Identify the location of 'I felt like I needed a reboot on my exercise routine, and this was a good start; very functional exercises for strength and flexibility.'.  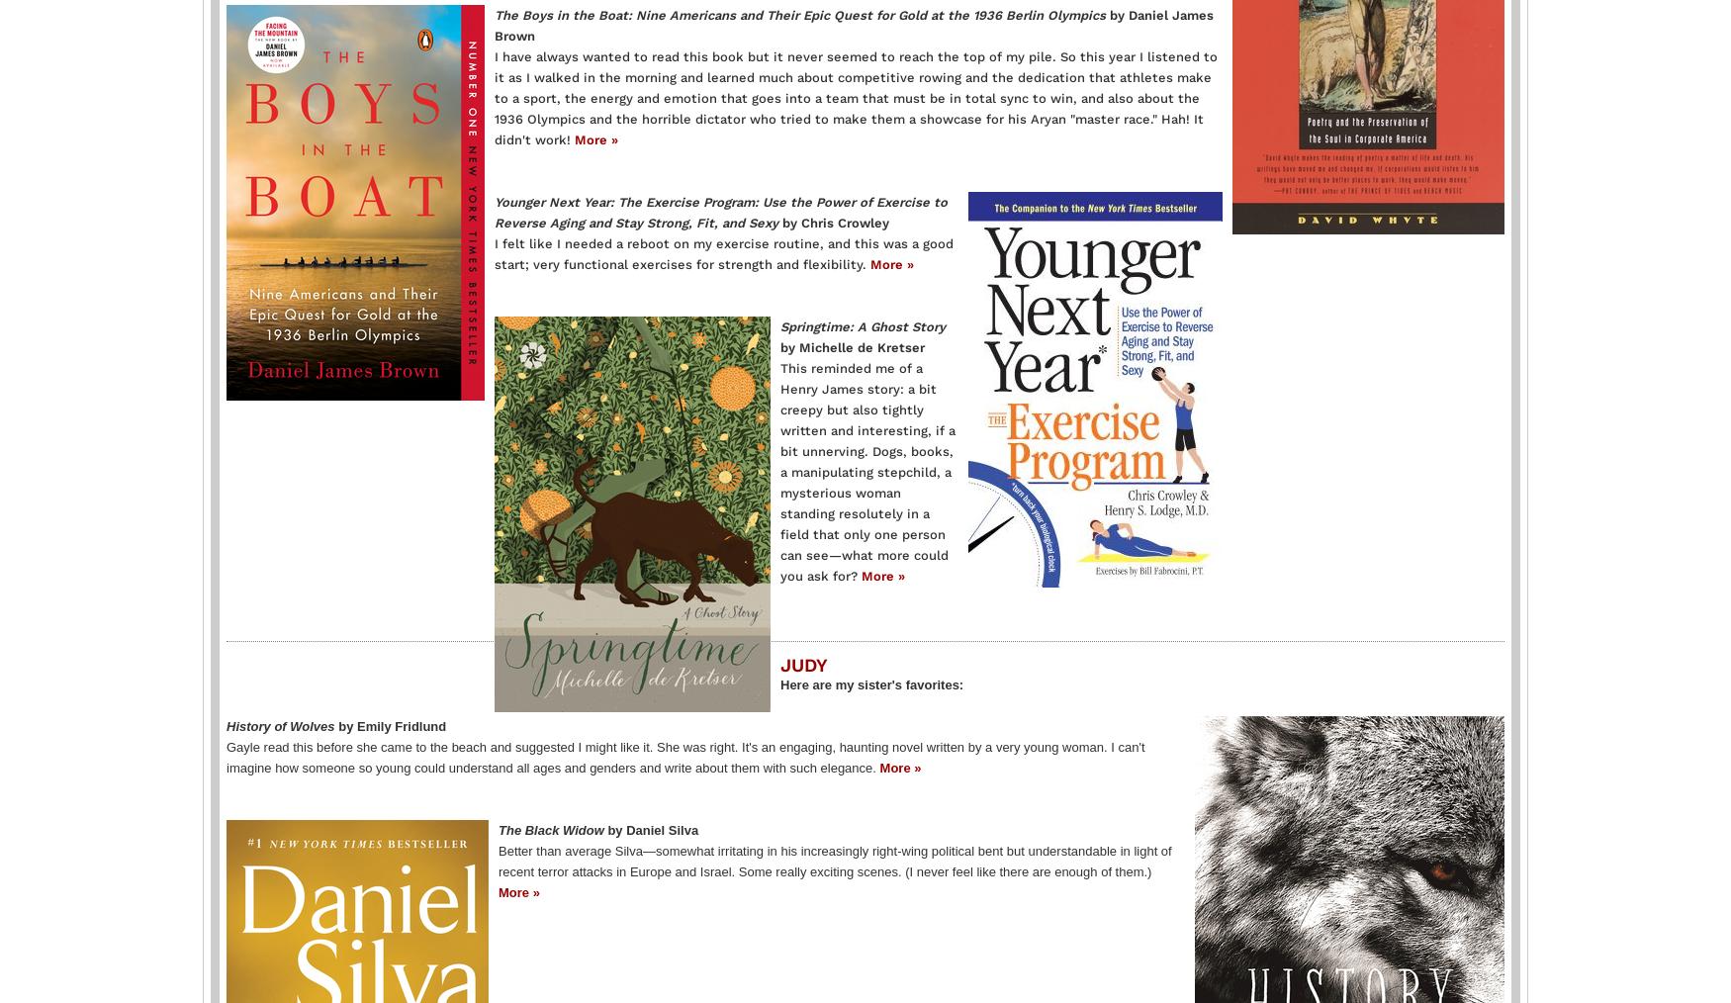
(724, 253).